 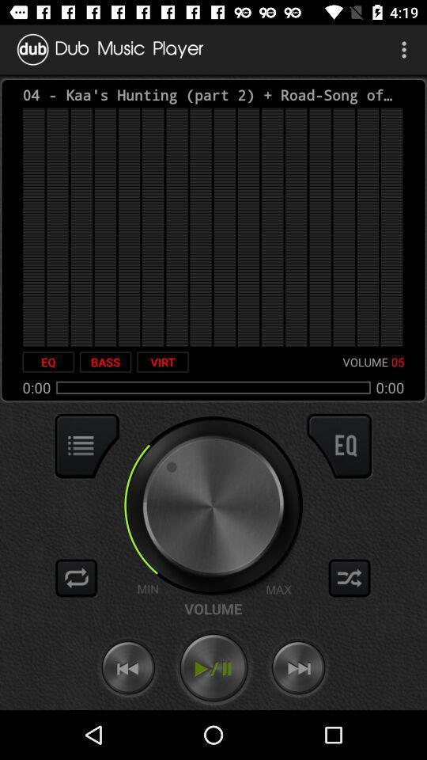 I want to click on the  bass  item, so click(x=105, y=362).